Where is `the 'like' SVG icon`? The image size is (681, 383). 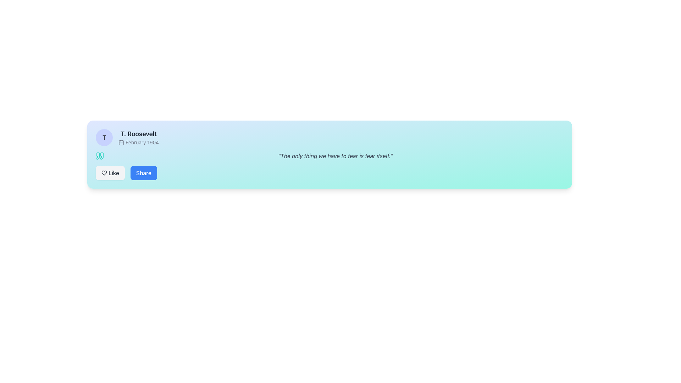
the 'like' SVG icon is located at coordinates (104, 173).